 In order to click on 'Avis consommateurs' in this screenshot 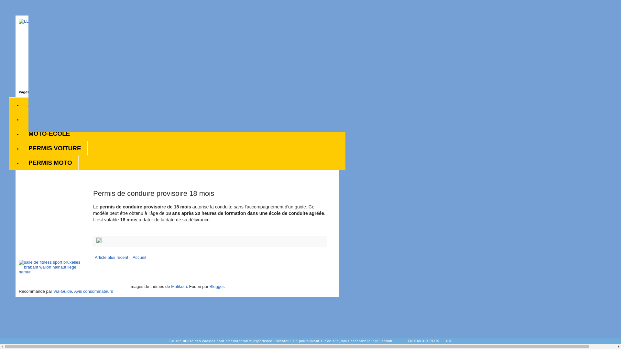, I will do `click(74, 291)`.